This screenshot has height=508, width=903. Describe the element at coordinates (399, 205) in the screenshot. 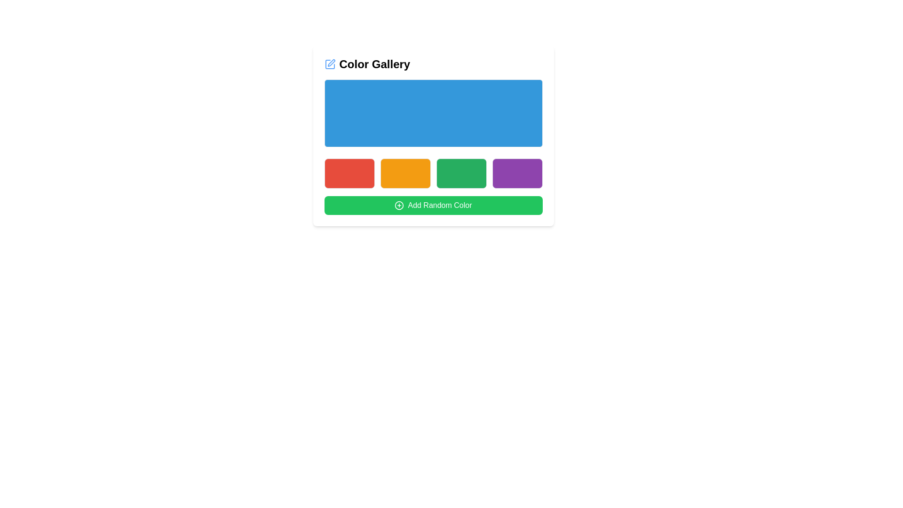

I see `the SVG Graphic (Circle with Plus Symbol) located centrally within the green button labeled 'Add Random Color' at the bottom center of the 'Color Gallery' card layout` at that location.